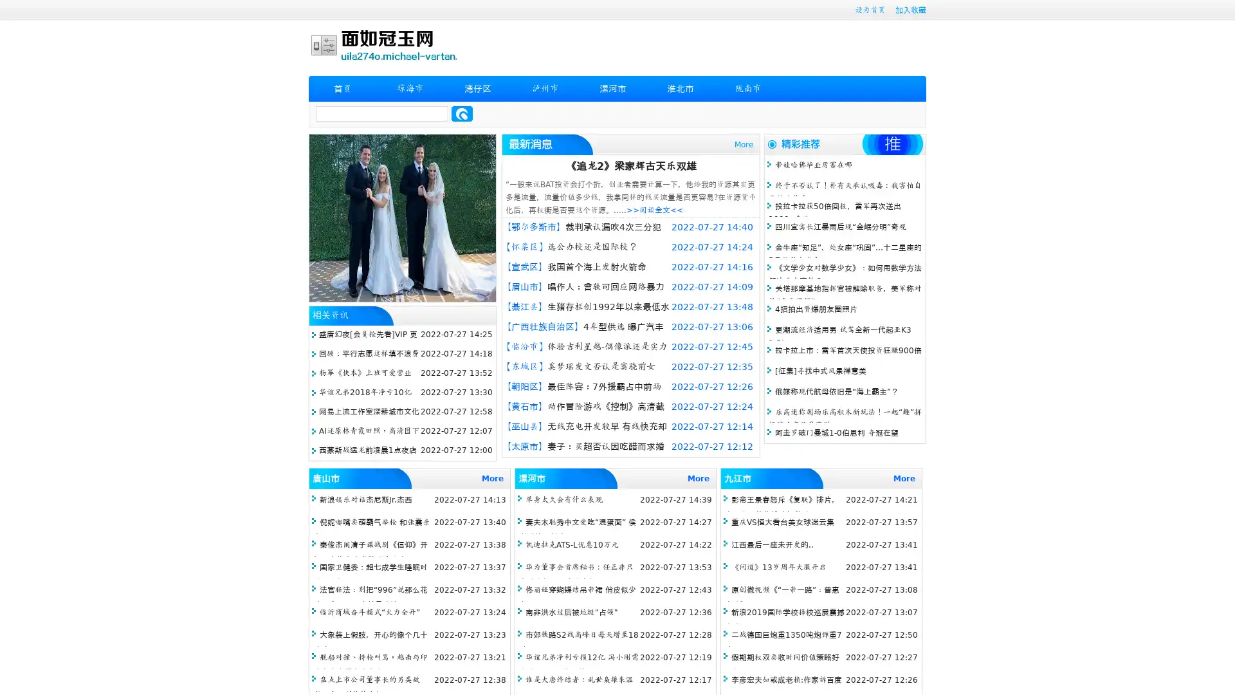 The image size is (1235, 695). What do you see at coordinates (462, 113) in the screenshot?
I see `Search` at bounding box center [462, 113].